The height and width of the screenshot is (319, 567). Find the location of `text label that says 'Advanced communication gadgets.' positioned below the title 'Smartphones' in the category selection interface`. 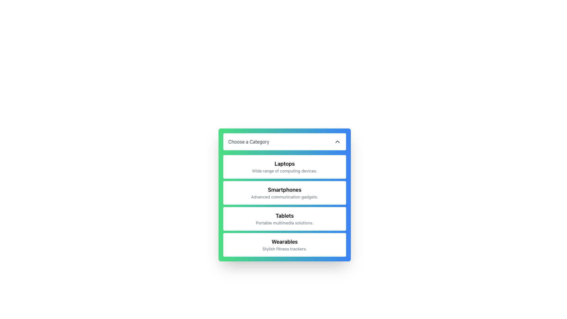

text label that says 'Advanced communication gadgets.' positioned below the title 'Smartphones' in the category selection interface is located at coordinates (285, 197).